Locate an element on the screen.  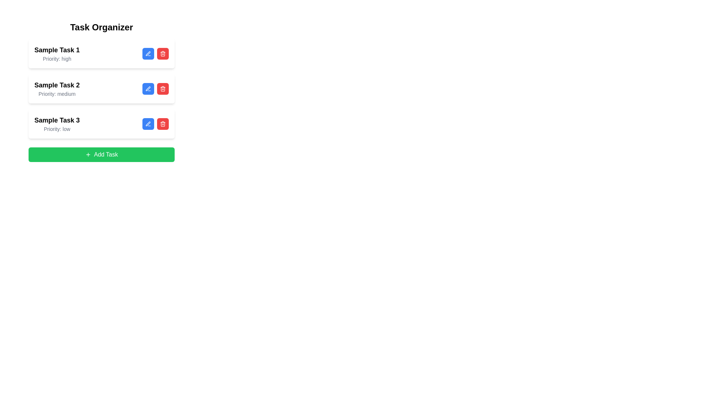
the editing button for the 'Sample Task 2' item is located at coordinates (148, 89).